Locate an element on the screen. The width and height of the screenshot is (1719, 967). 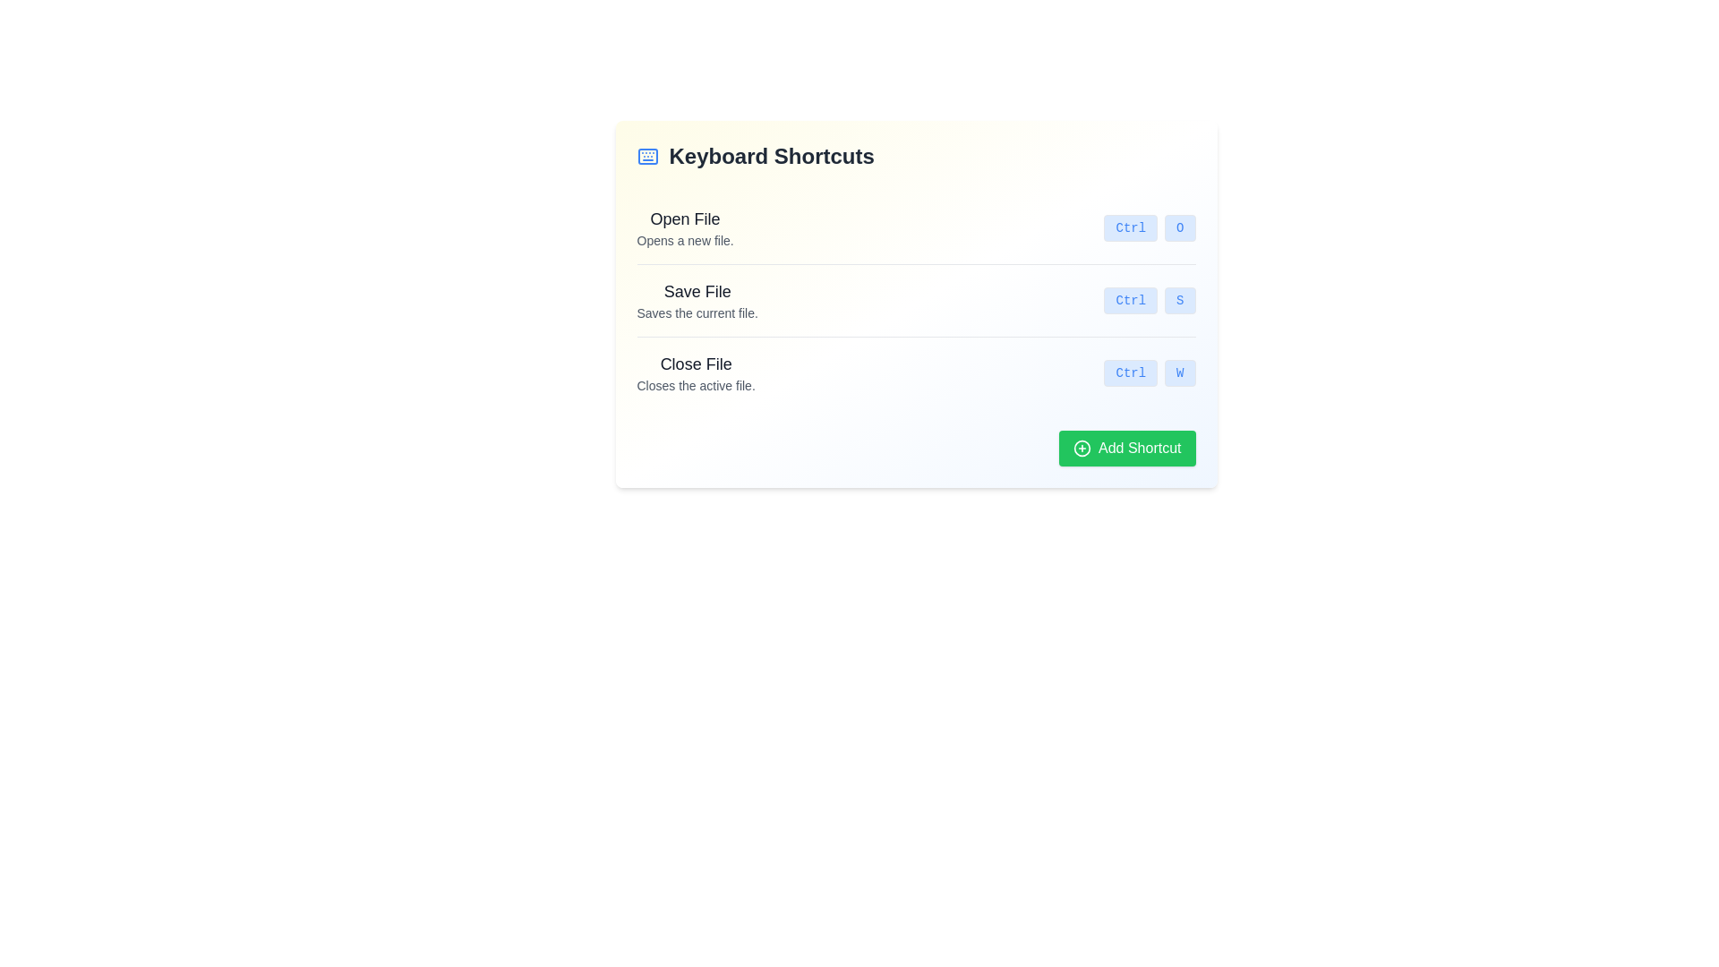
the 'Add Shortcut' button located at the bottom right of the window, which features a circular plus icon is located at coordinates (1082, 448).